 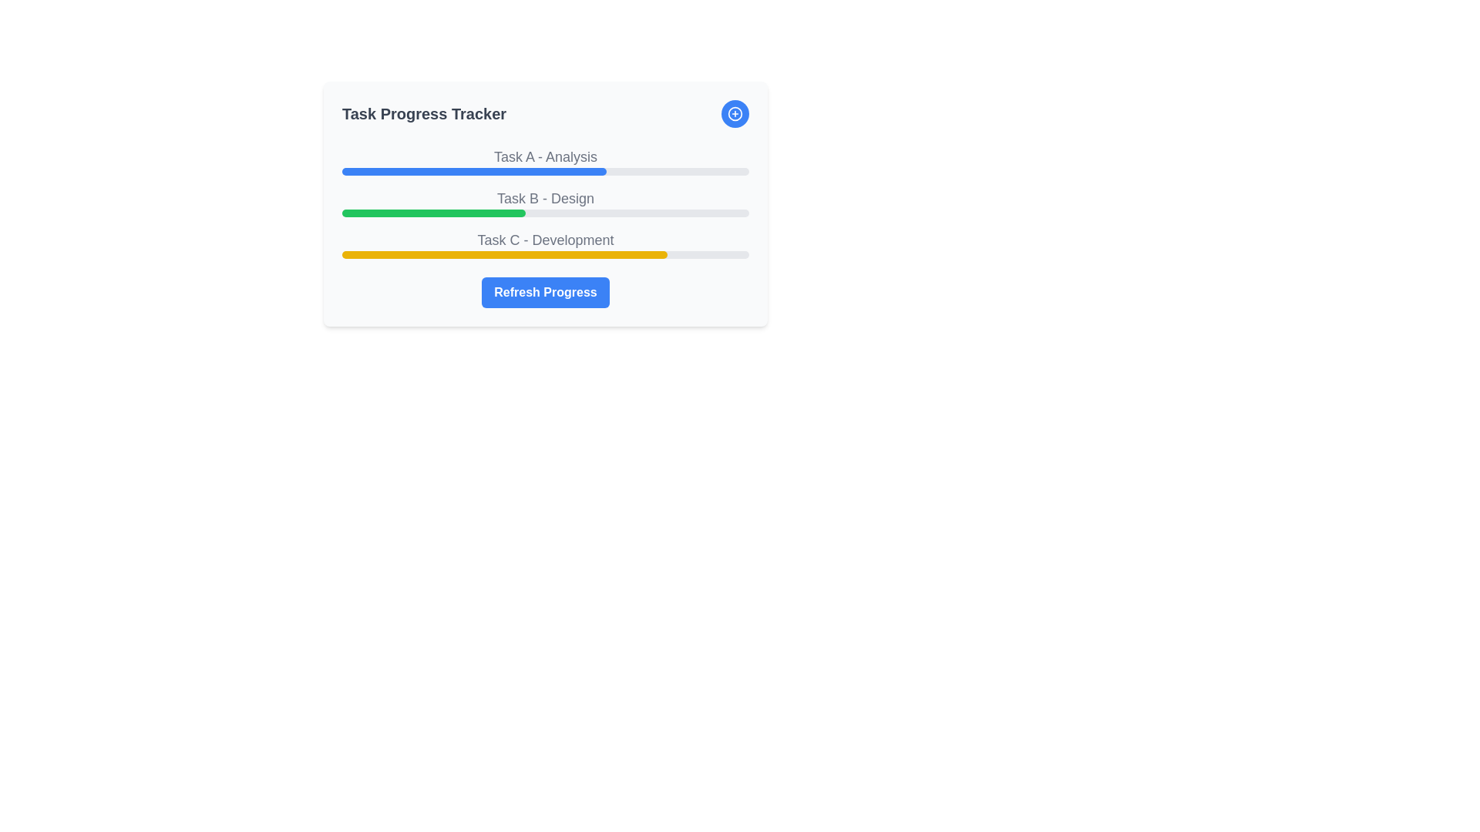 I want to click on the rectangular button with a blue background and white text labeled 'Refresh Progress' to observe its hover effect, so click(x=545, y=293).